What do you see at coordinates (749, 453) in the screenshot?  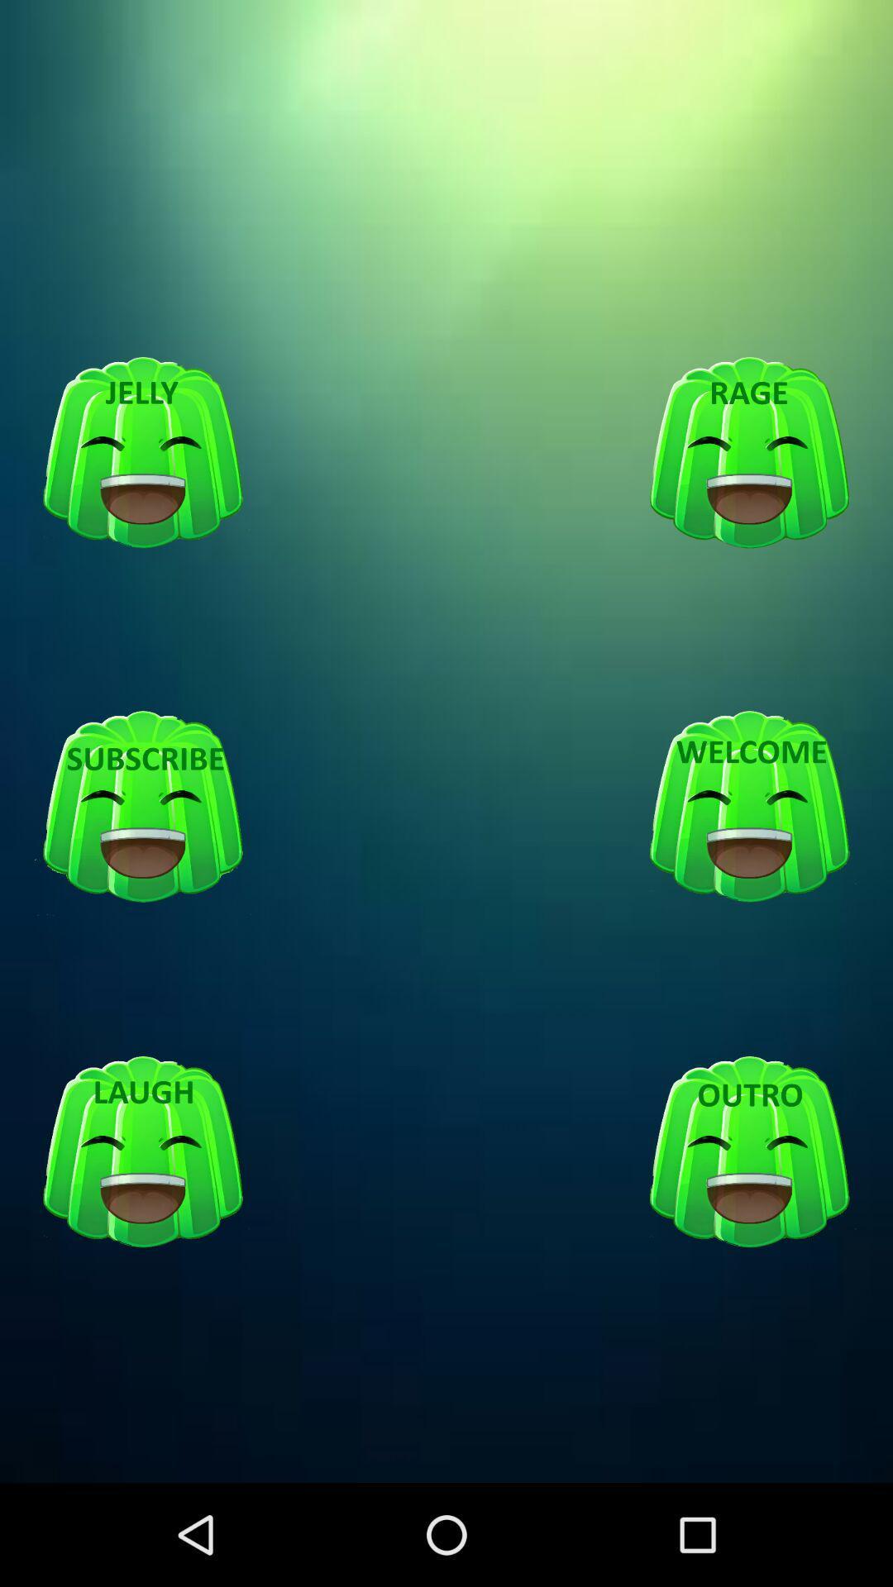 I see `rage` at bounding box center [749, 453].